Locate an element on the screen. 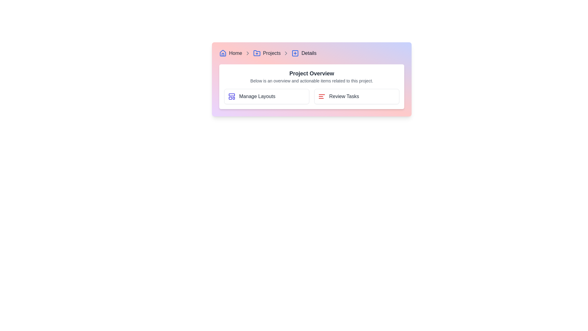  the 'Details' breadcrumb icon element, which is represented by a square with a plus sign located at the top-right corner of the interface is located at coordinates (295, 53).